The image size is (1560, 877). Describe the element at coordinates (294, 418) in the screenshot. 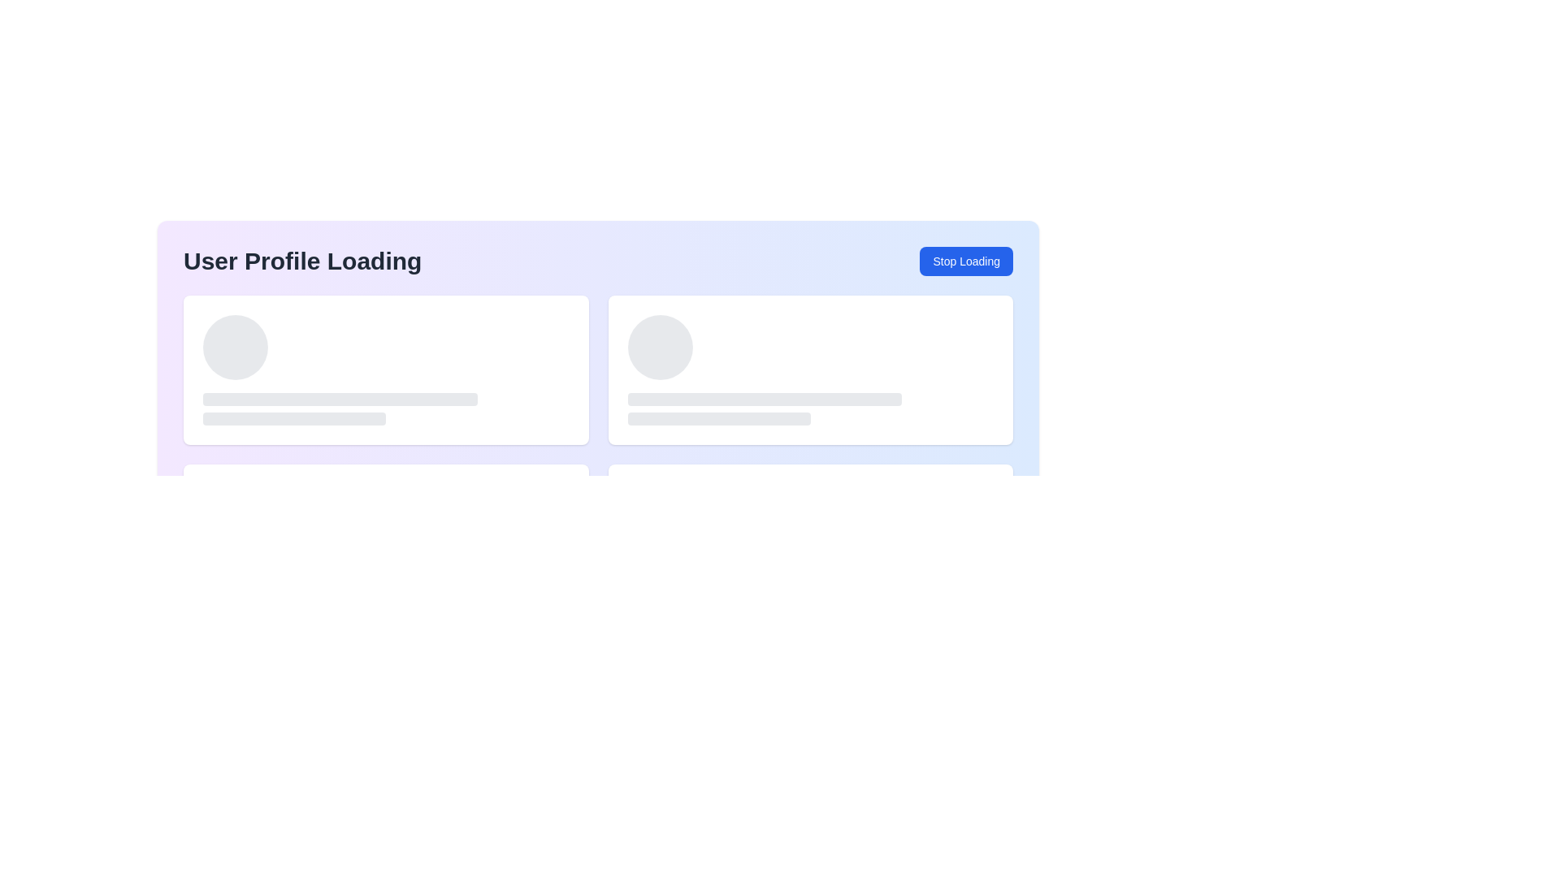

I see `the Loading placeholder bar, which is a rounded gray rectangle simulating a loading component and is the third element in a vertically stacked group of placeholders` at that location.